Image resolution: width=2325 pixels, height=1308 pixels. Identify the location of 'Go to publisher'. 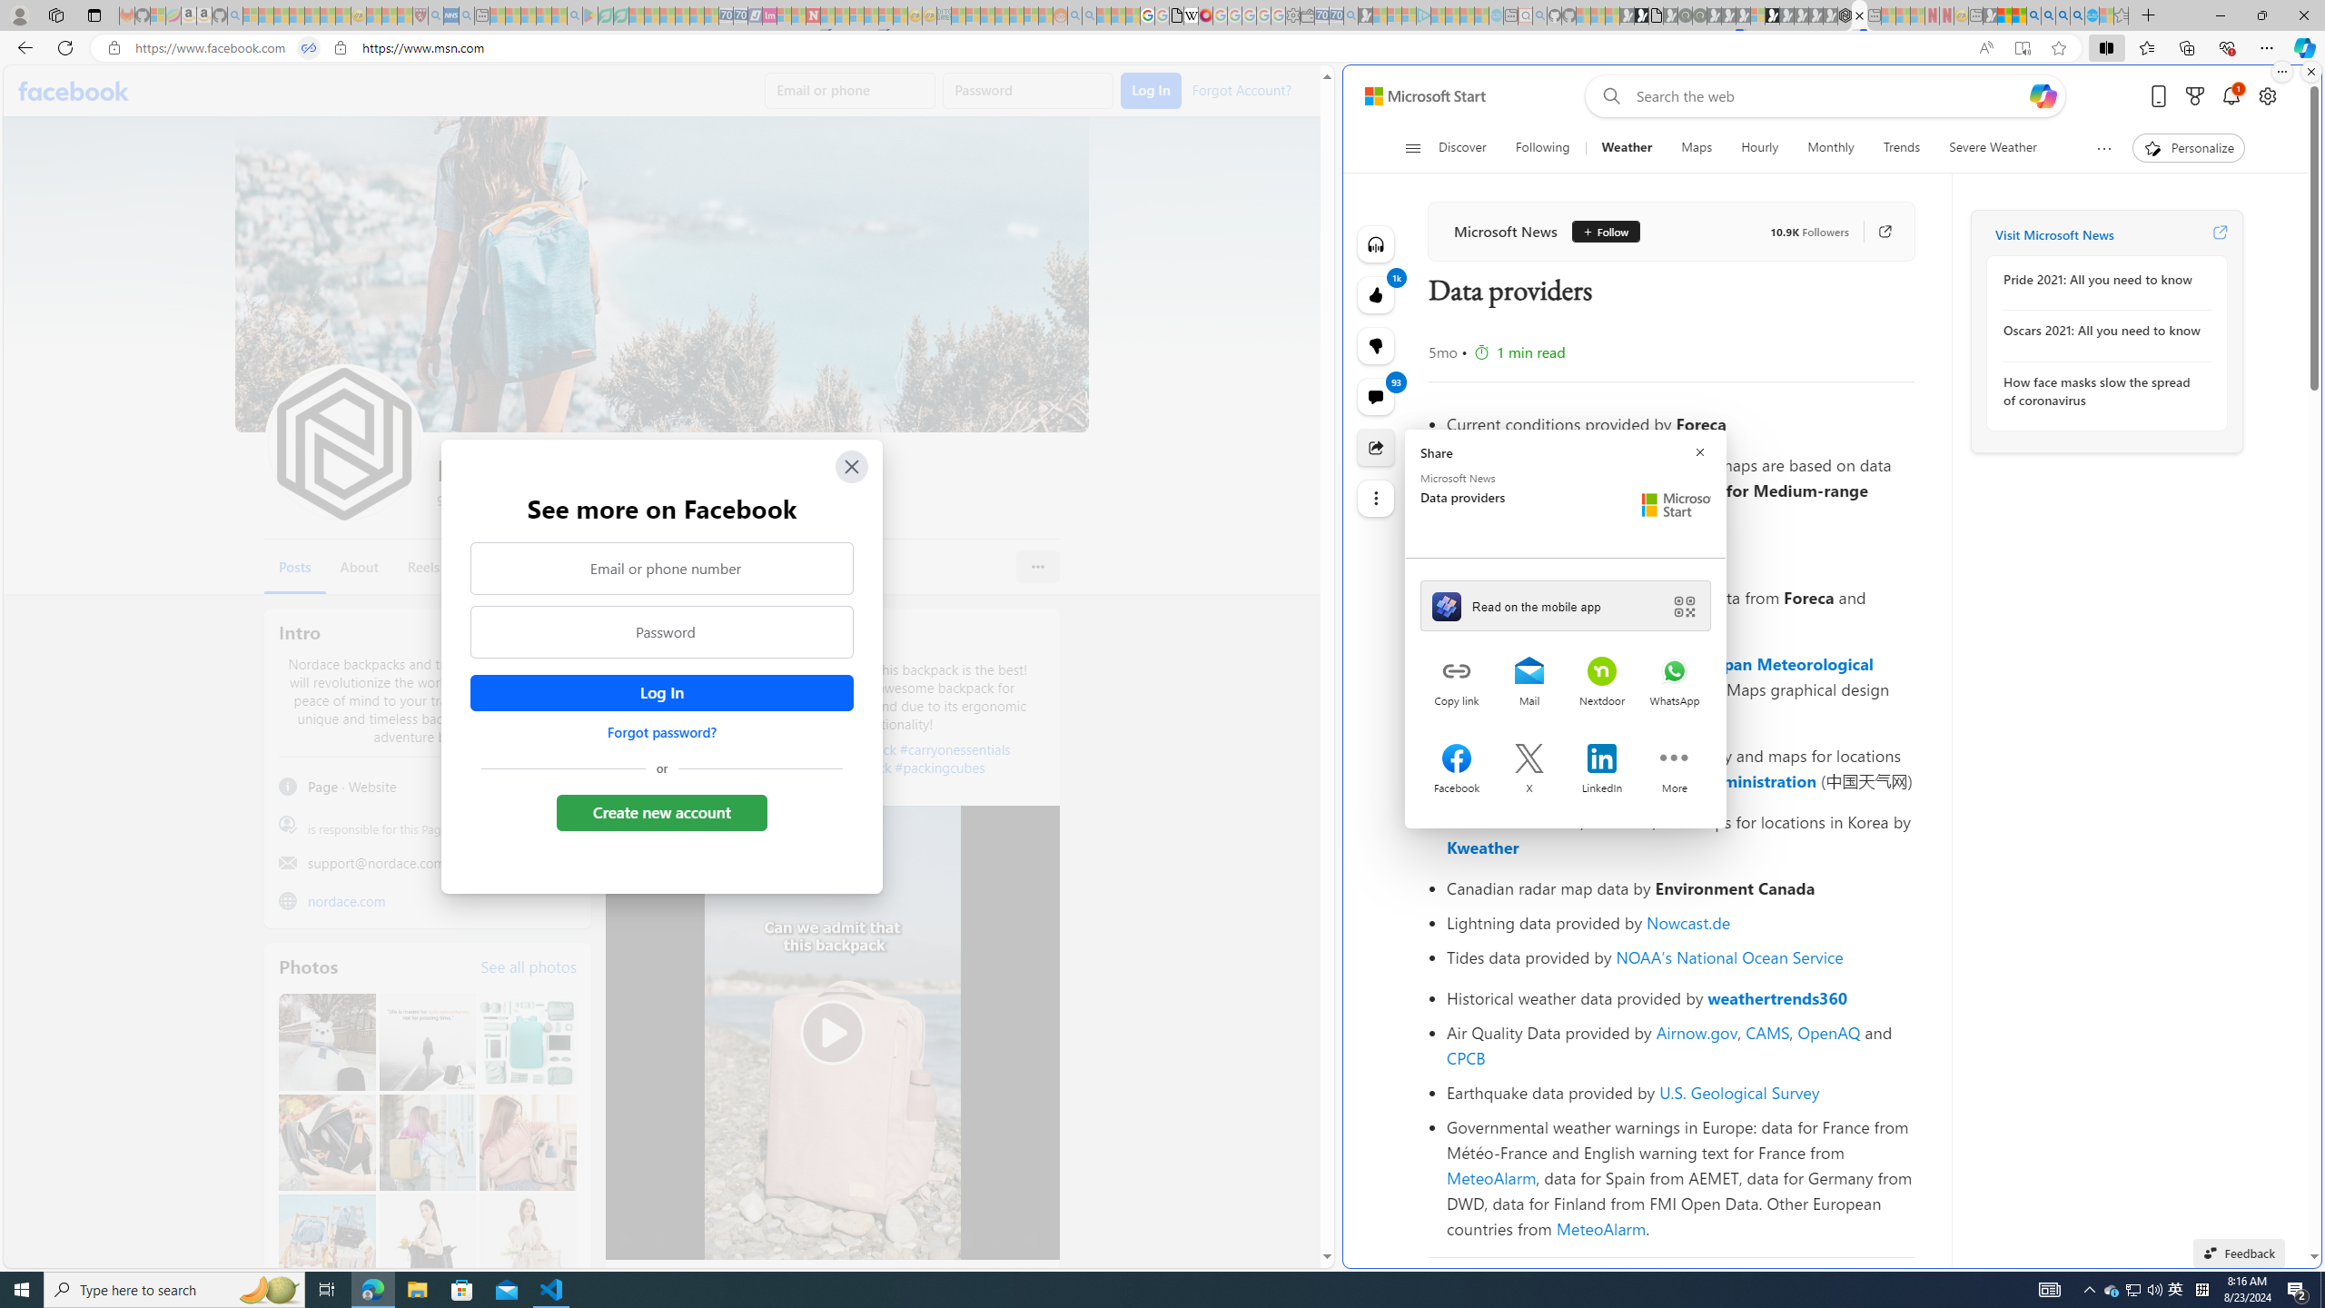
(1875, 230).